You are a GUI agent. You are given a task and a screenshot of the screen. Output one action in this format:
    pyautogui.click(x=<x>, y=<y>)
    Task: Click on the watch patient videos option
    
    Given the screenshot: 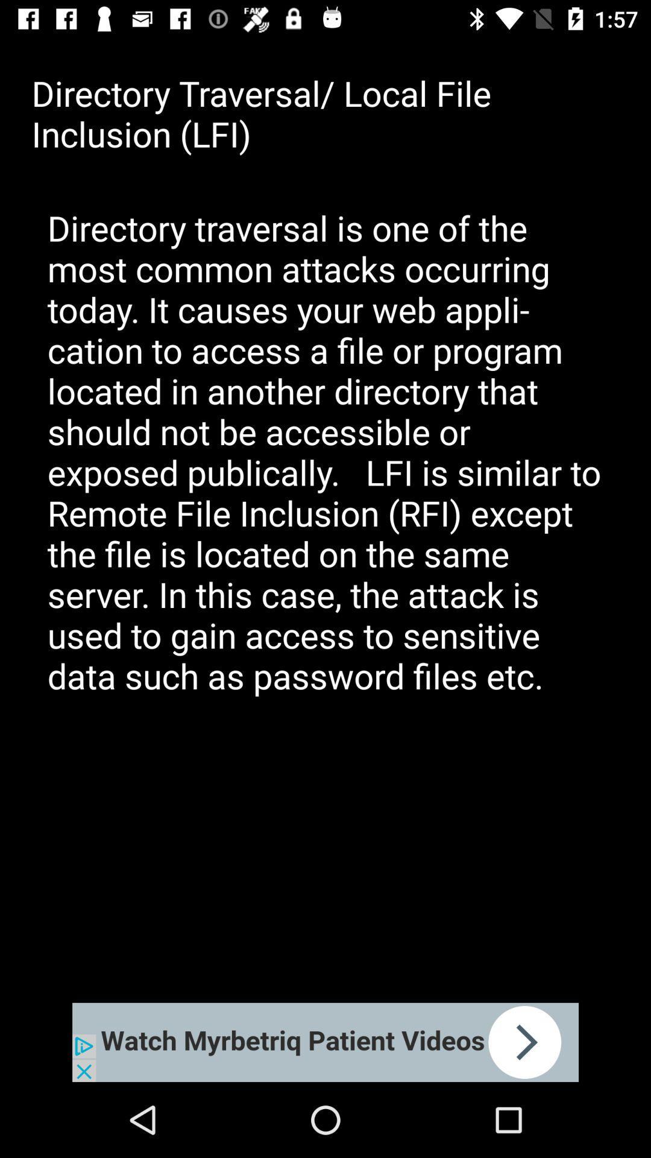 What is the action you would take?
    pyautogui.click(x=325, y=1042)
    